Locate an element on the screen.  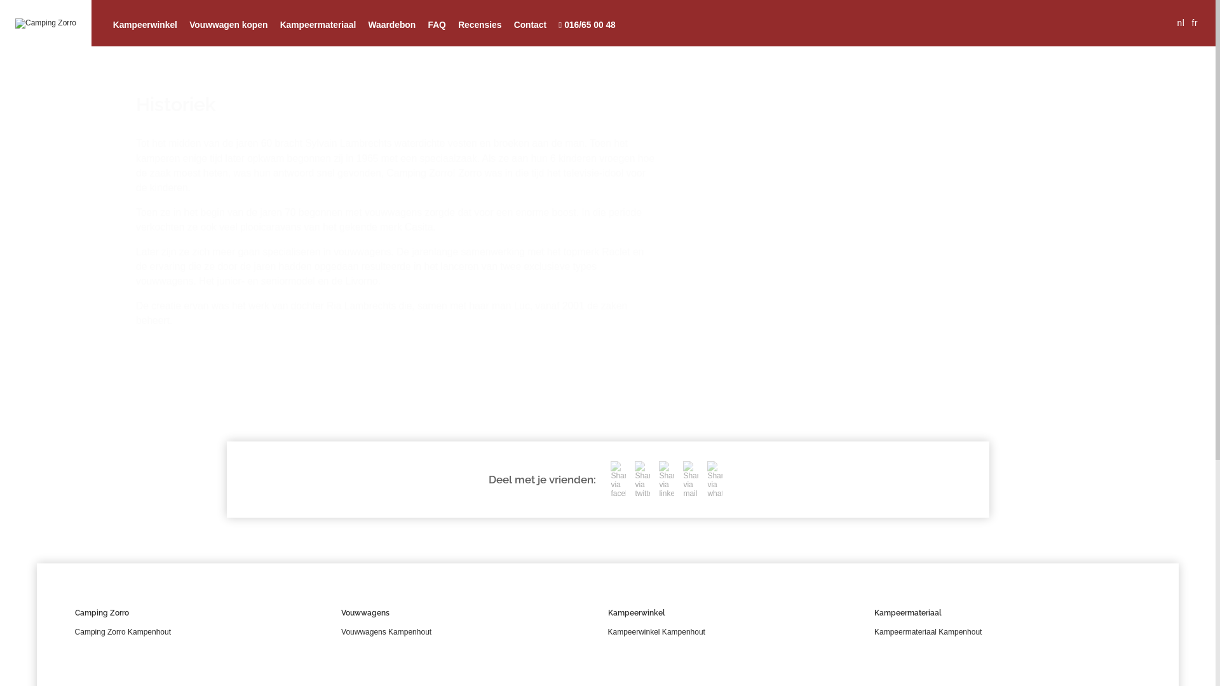
'Waardebon' is located at coordinates (391, 25).